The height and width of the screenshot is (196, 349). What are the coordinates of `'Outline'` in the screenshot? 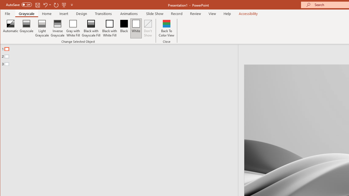 It's located at (121, 55).